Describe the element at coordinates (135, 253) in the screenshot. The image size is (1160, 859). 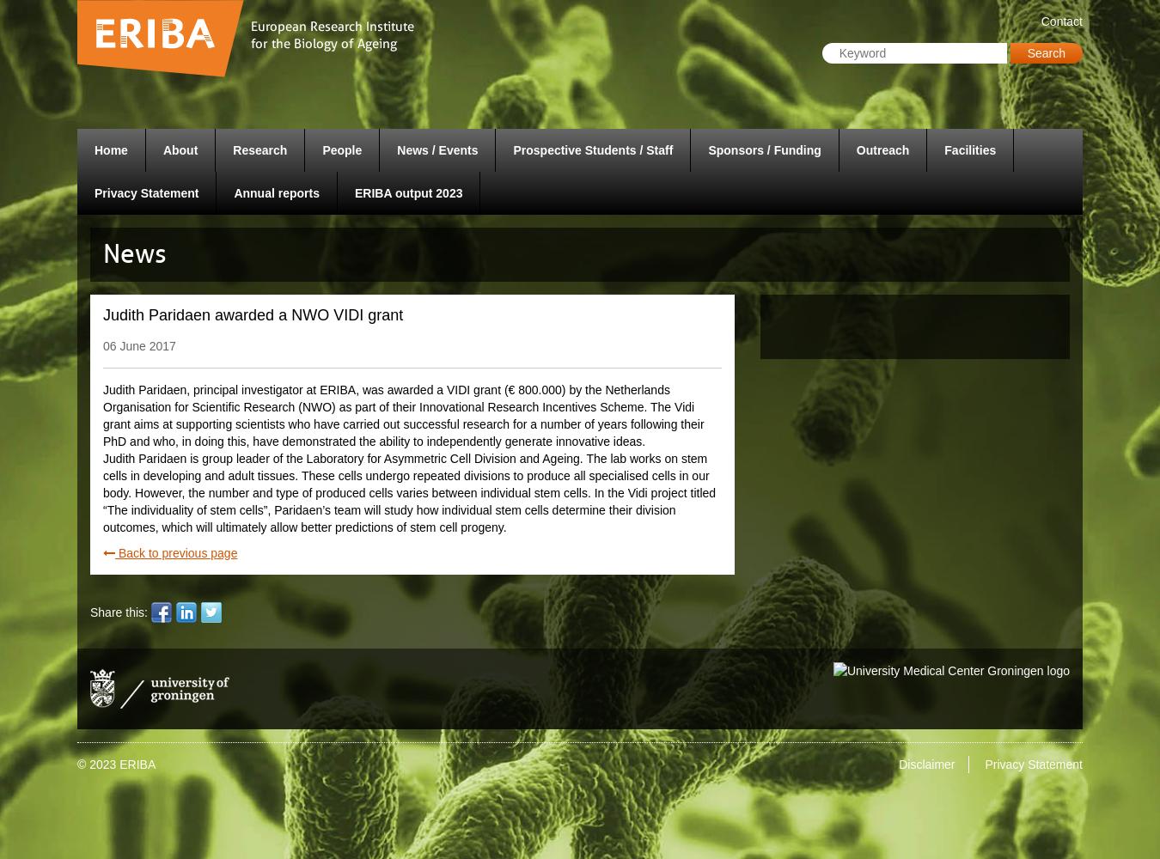
I see `'News'` at that location.